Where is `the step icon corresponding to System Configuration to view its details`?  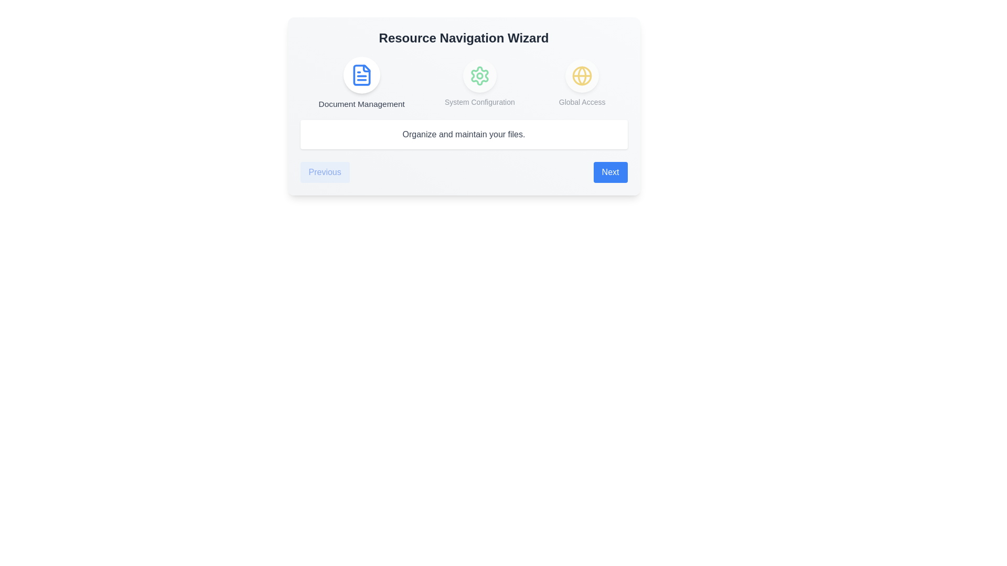
the step icon corresponding to System Configuration to view its details is located at coordinates (479, 75).